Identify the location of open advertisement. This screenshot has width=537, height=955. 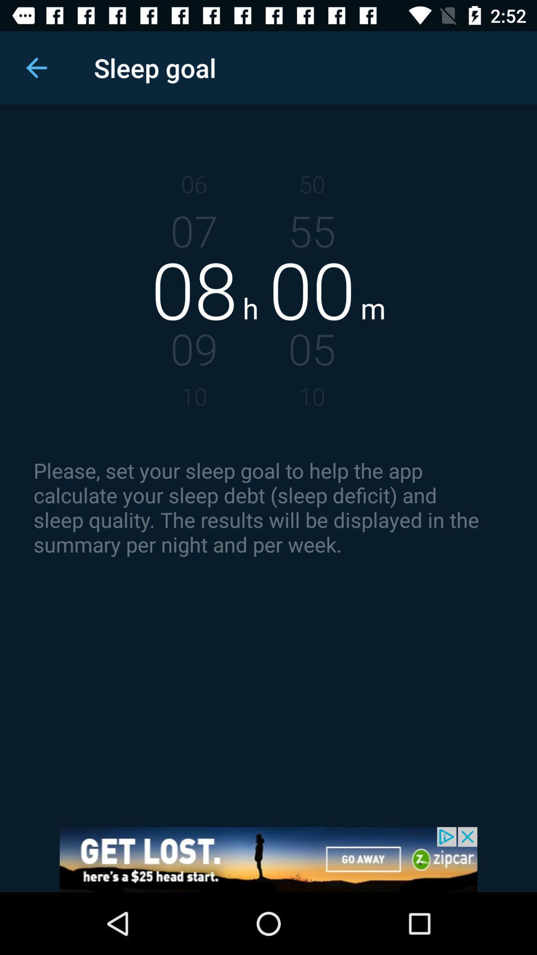
(268, 859).